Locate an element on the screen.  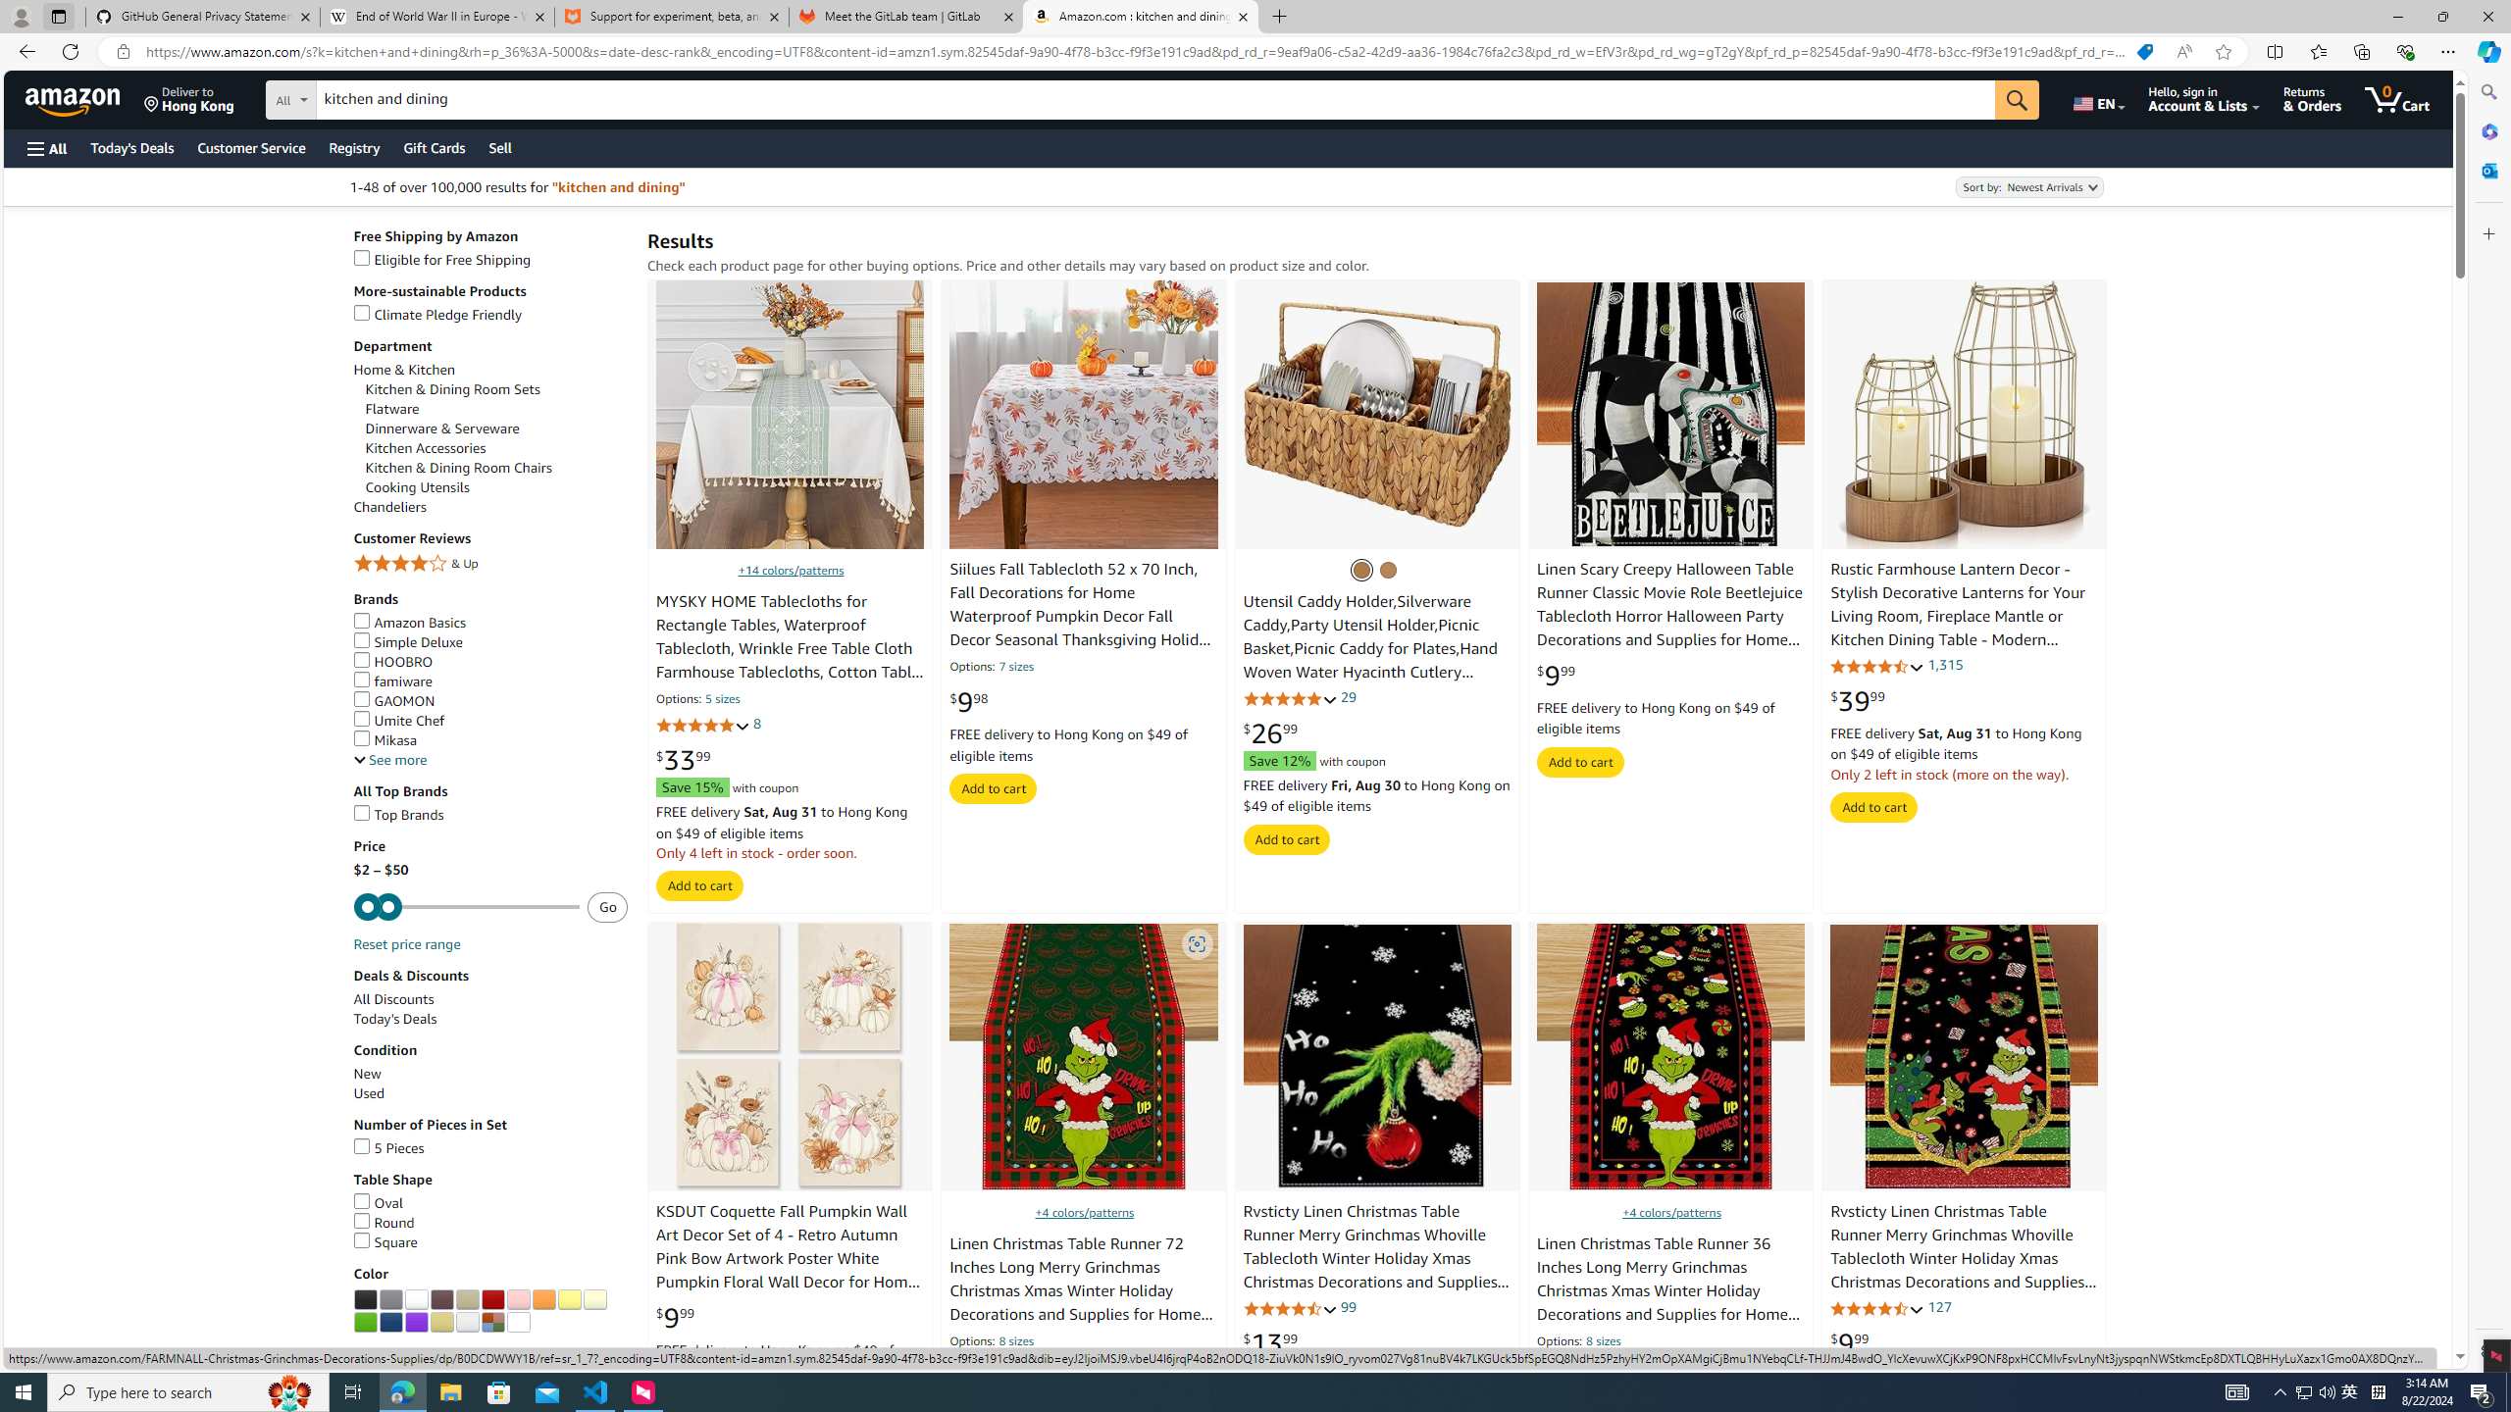
'Chandeliers' is located at coordinates (490, 506).